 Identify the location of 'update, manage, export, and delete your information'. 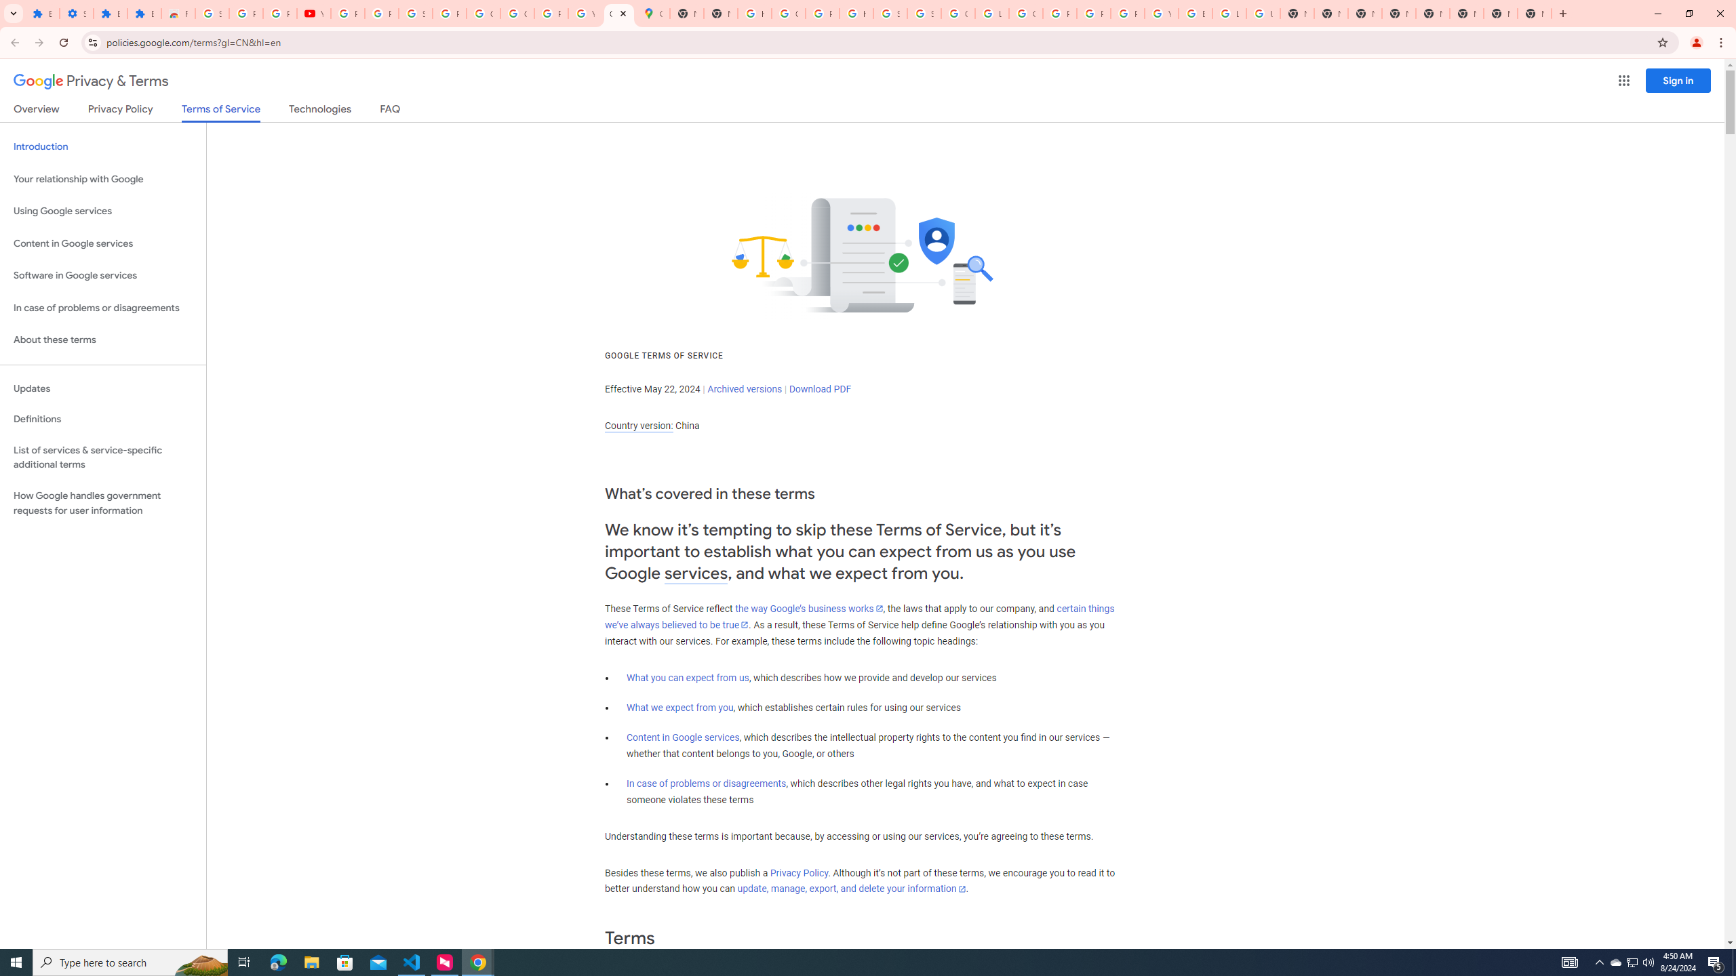
(851, 888).